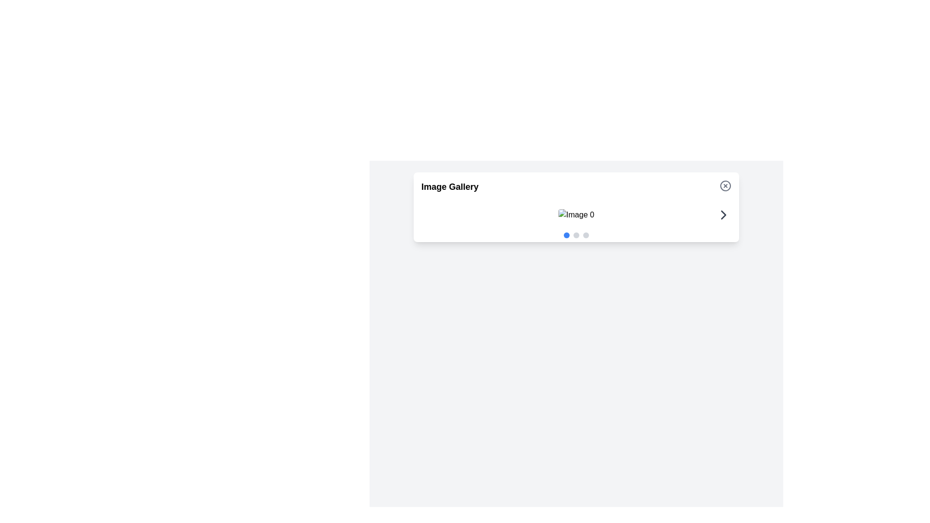  I want to click on the third selectable navigation indicator dot, which is a light gray circular dot, so click(585, 235).